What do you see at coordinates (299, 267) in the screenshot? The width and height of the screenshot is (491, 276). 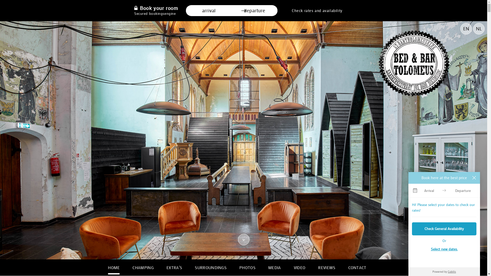 I see `'VIDEO'` at bounding box center [299, 267].